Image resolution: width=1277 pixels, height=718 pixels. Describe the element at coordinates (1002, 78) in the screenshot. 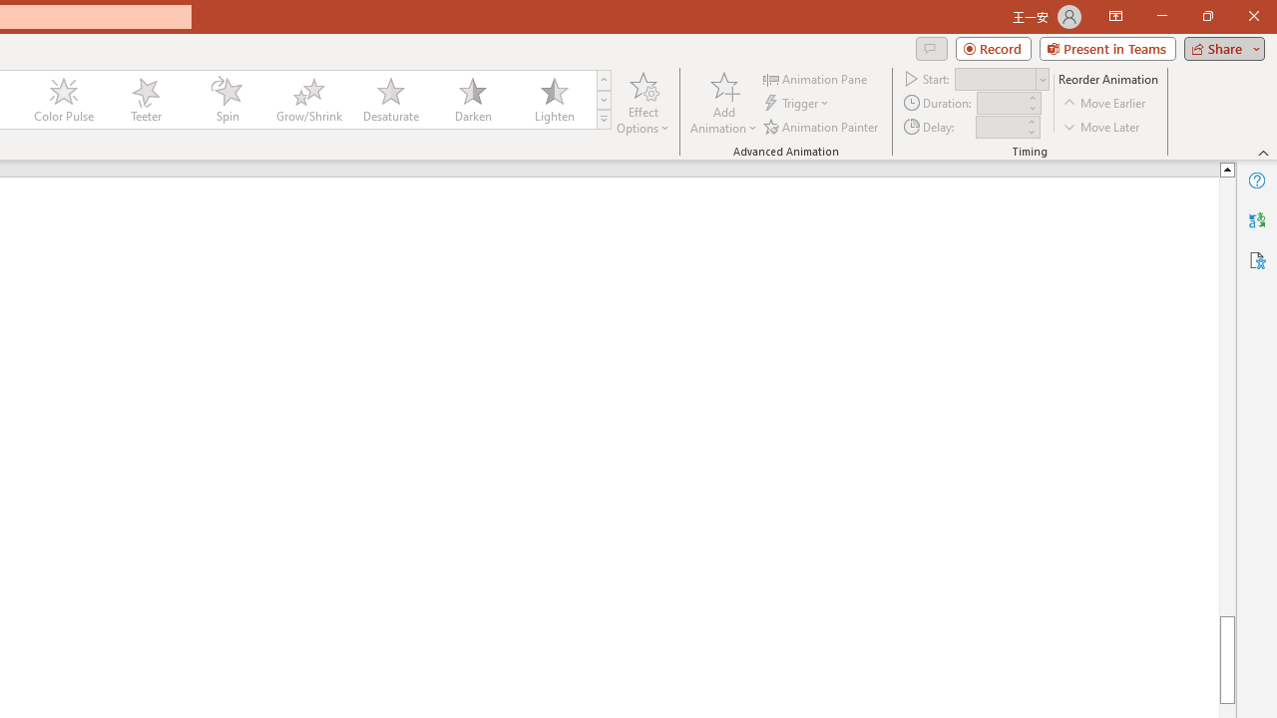

I see `'Start'` at that location.